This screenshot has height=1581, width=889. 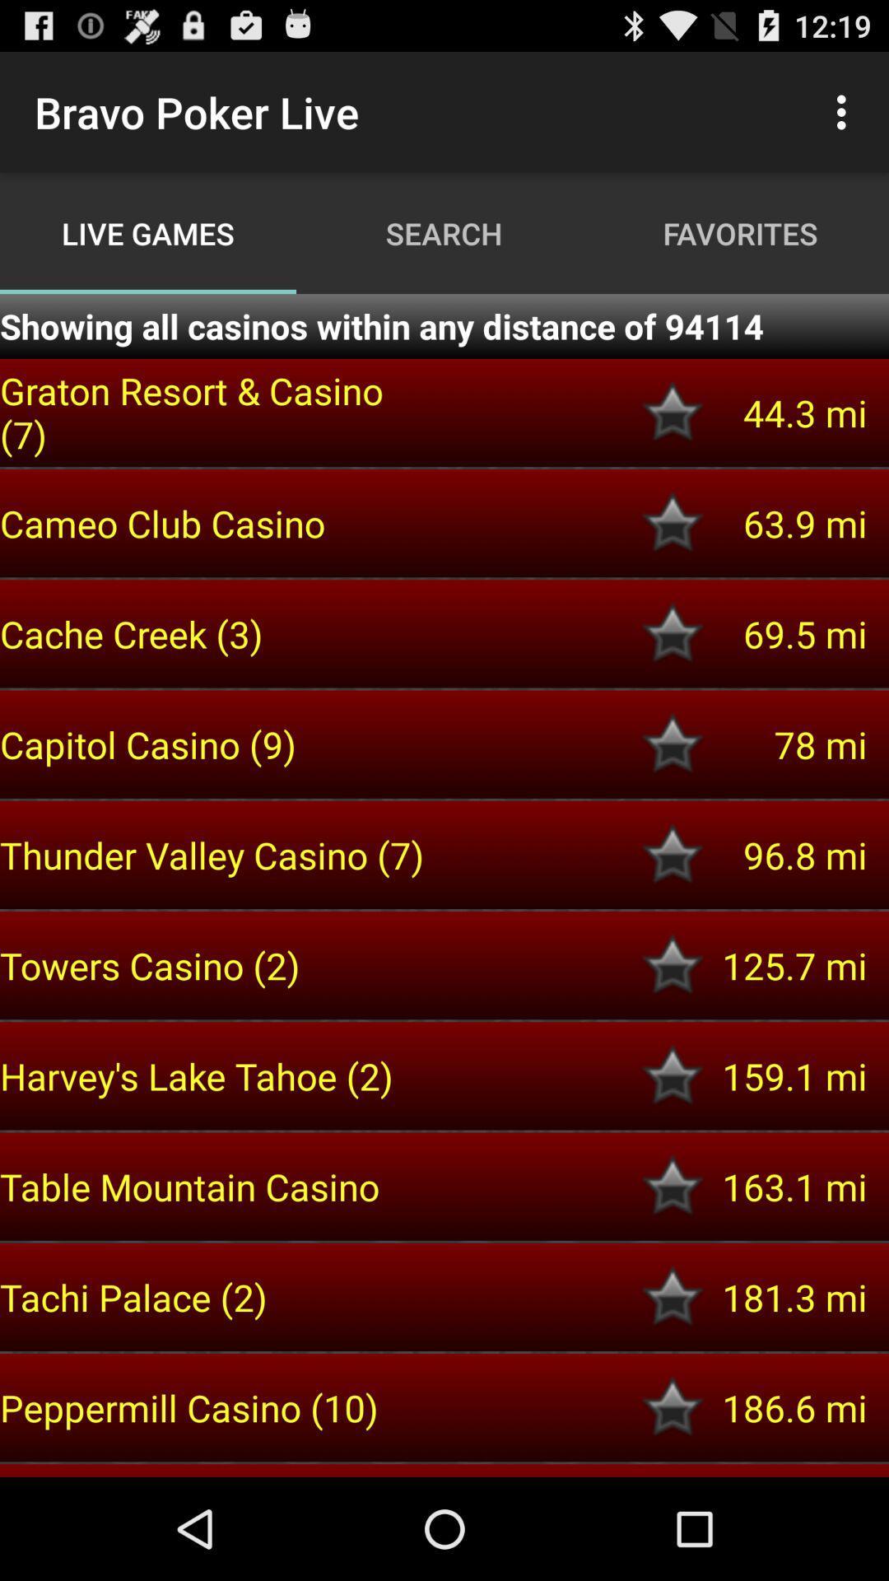 What do you see at coordinates (673, 413) in the screenshot?
I see `graton resort casino to favorites` at bounding box center [673, 413].